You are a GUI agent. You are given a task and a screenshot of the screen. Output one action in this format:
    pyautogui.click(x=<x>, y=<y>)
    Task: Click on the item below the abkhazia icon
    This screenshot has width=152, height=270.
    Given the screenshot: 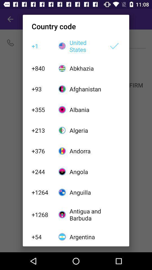 What is the action you would take?
    pyautogui.click(x=86, y=89)
    